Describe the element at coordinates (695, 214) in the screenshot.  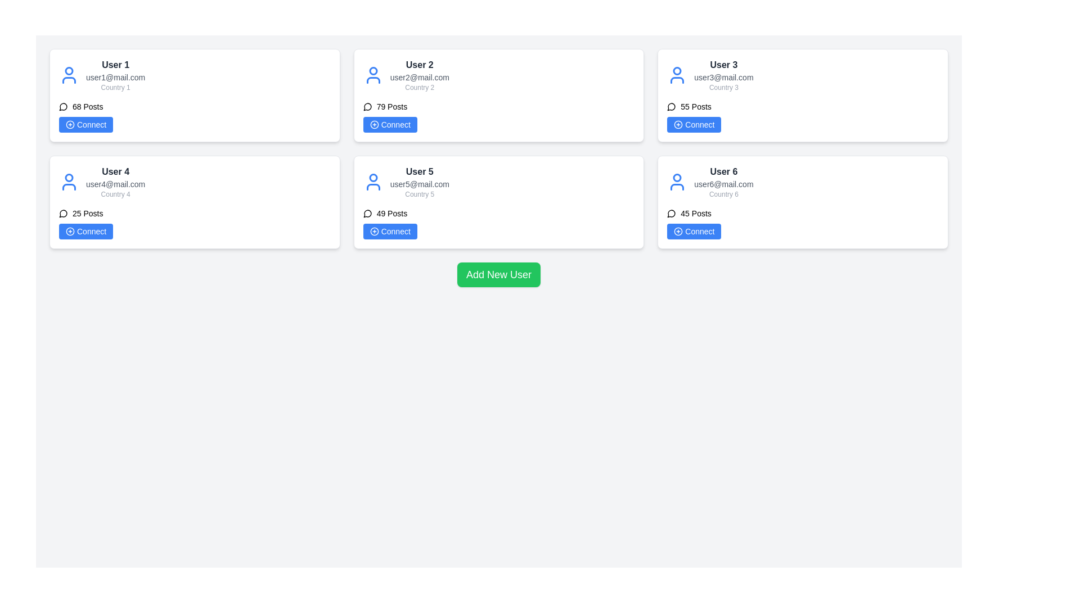
I see `the static text label displaying '45 Posts' located near the lower-middle section of the user information card for 'User 6' in the second row, third column of the grid layout` at that location.